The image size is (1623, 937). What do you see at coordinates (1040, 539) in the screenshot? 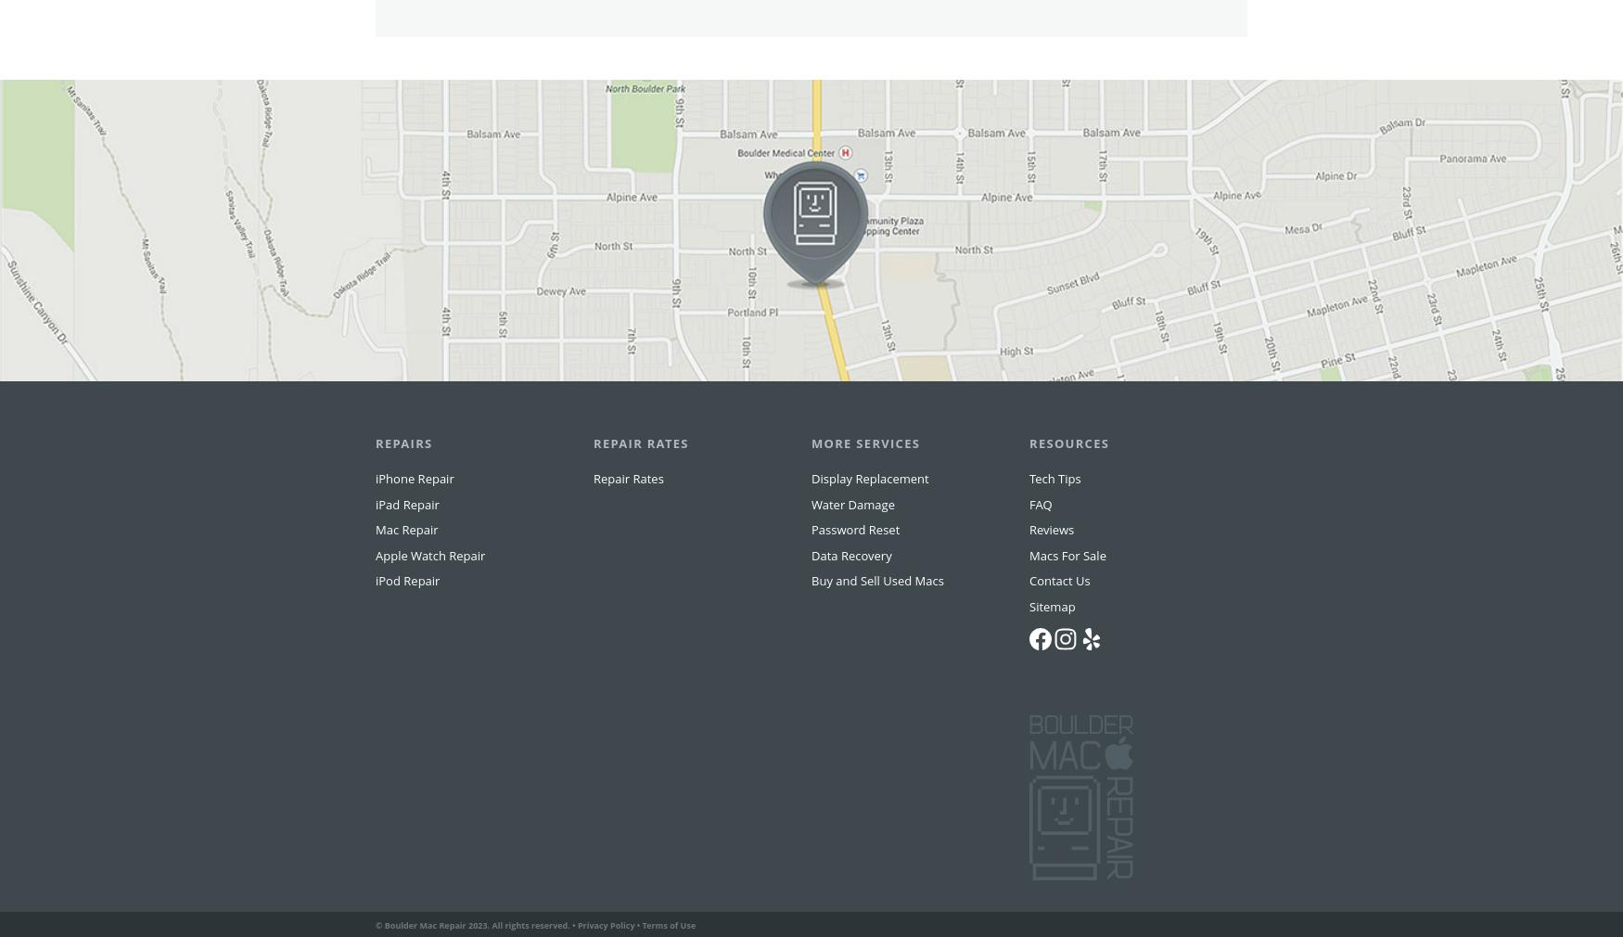
I see `'FAQ'` at bounding box center [1040, 539].